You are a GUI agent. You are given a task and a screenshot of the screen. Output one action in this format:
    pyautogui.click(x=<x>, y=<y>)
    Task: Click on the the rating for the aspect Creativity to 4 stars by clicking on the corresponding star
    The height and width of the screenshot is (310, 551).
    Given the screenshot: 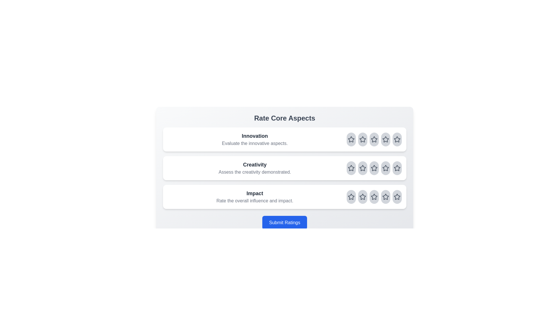 What is the action you would take?
    pyautogui.click(x=386, y=168)
    